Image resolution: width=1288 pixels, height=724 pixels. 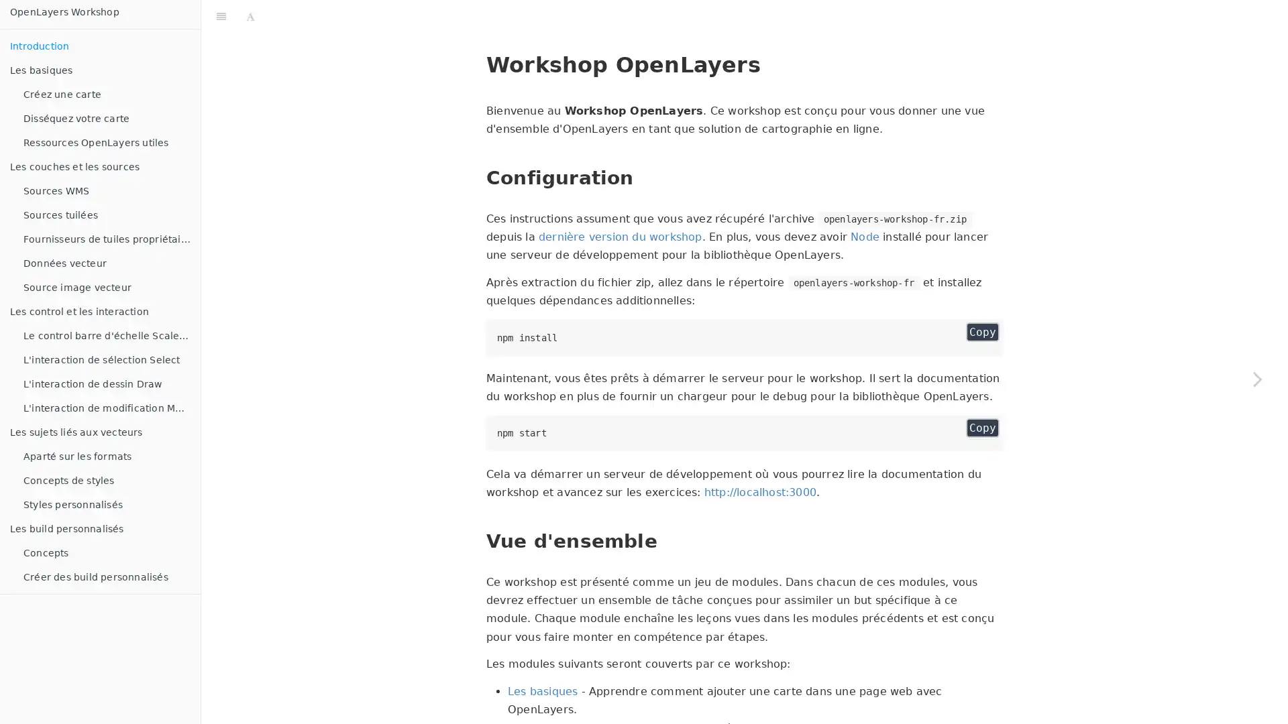 I want to click on Copy, so click(x=982, y=427).